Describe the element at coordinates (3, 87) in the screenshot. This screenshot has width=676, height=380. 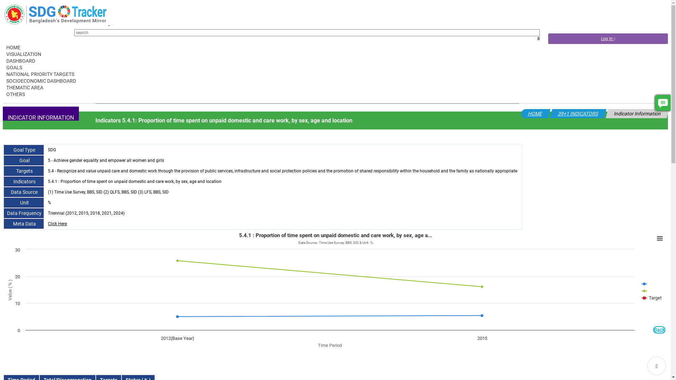
I see `'THEMATIC AREA'` at that location.